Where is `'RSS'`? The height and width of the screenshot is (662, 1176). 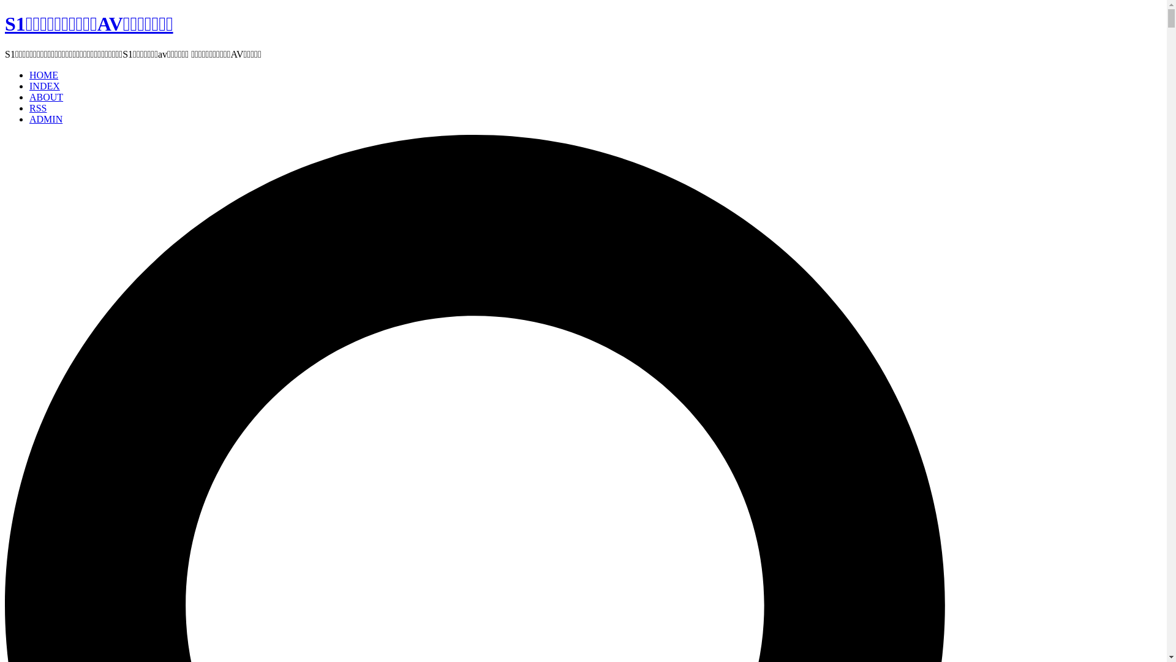 'RSS' is located at coordinates (38, 107).